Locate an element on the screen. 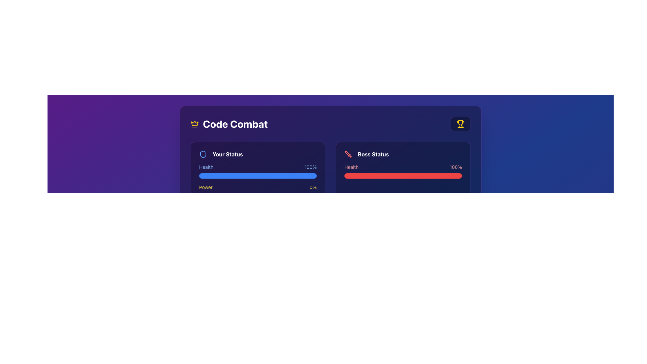 Image resolution: width=647 pixels, height=364 pixels. the trophy icon, which is yellow on a dark blue rectangle with rounded corners, located in the top-right section of the 'Code Combat' interface is located at coordinates (460, 124).